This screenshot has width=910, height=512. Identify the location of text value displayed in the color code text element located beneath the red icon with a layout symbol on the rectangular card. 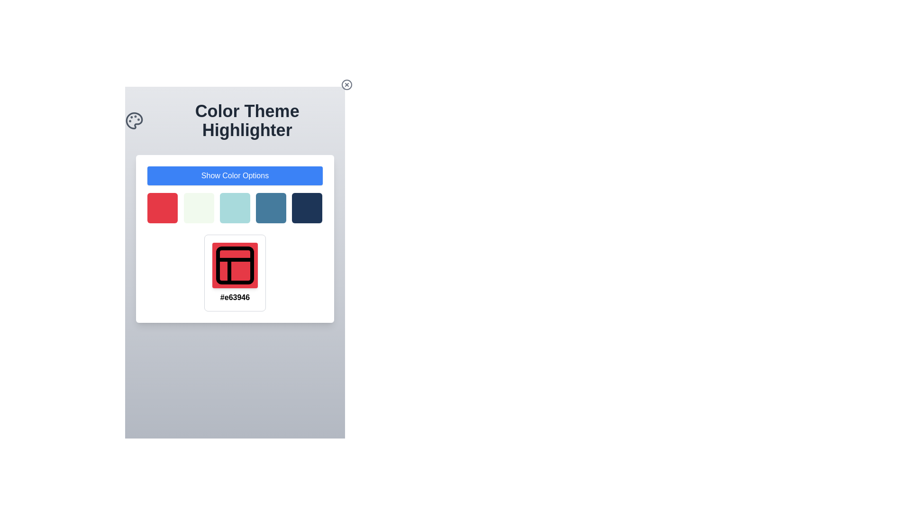
(235, 297).